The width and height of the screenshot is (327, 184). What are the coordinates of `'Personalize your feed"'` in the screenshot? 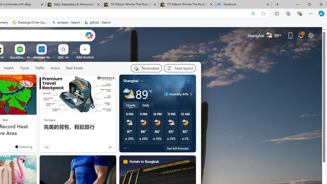 It's located at (146, 68).